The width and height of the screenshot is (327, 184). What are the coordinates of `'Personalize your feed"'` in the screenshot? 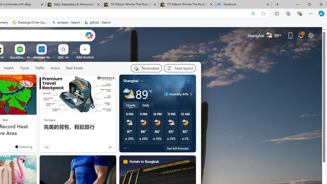 It's located at (146, 68).